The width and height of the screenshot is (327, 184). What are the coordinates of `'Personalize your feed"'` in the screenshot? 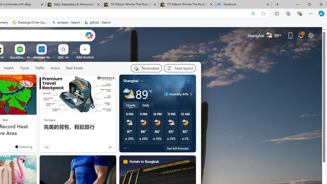 It's located at (146, 68).